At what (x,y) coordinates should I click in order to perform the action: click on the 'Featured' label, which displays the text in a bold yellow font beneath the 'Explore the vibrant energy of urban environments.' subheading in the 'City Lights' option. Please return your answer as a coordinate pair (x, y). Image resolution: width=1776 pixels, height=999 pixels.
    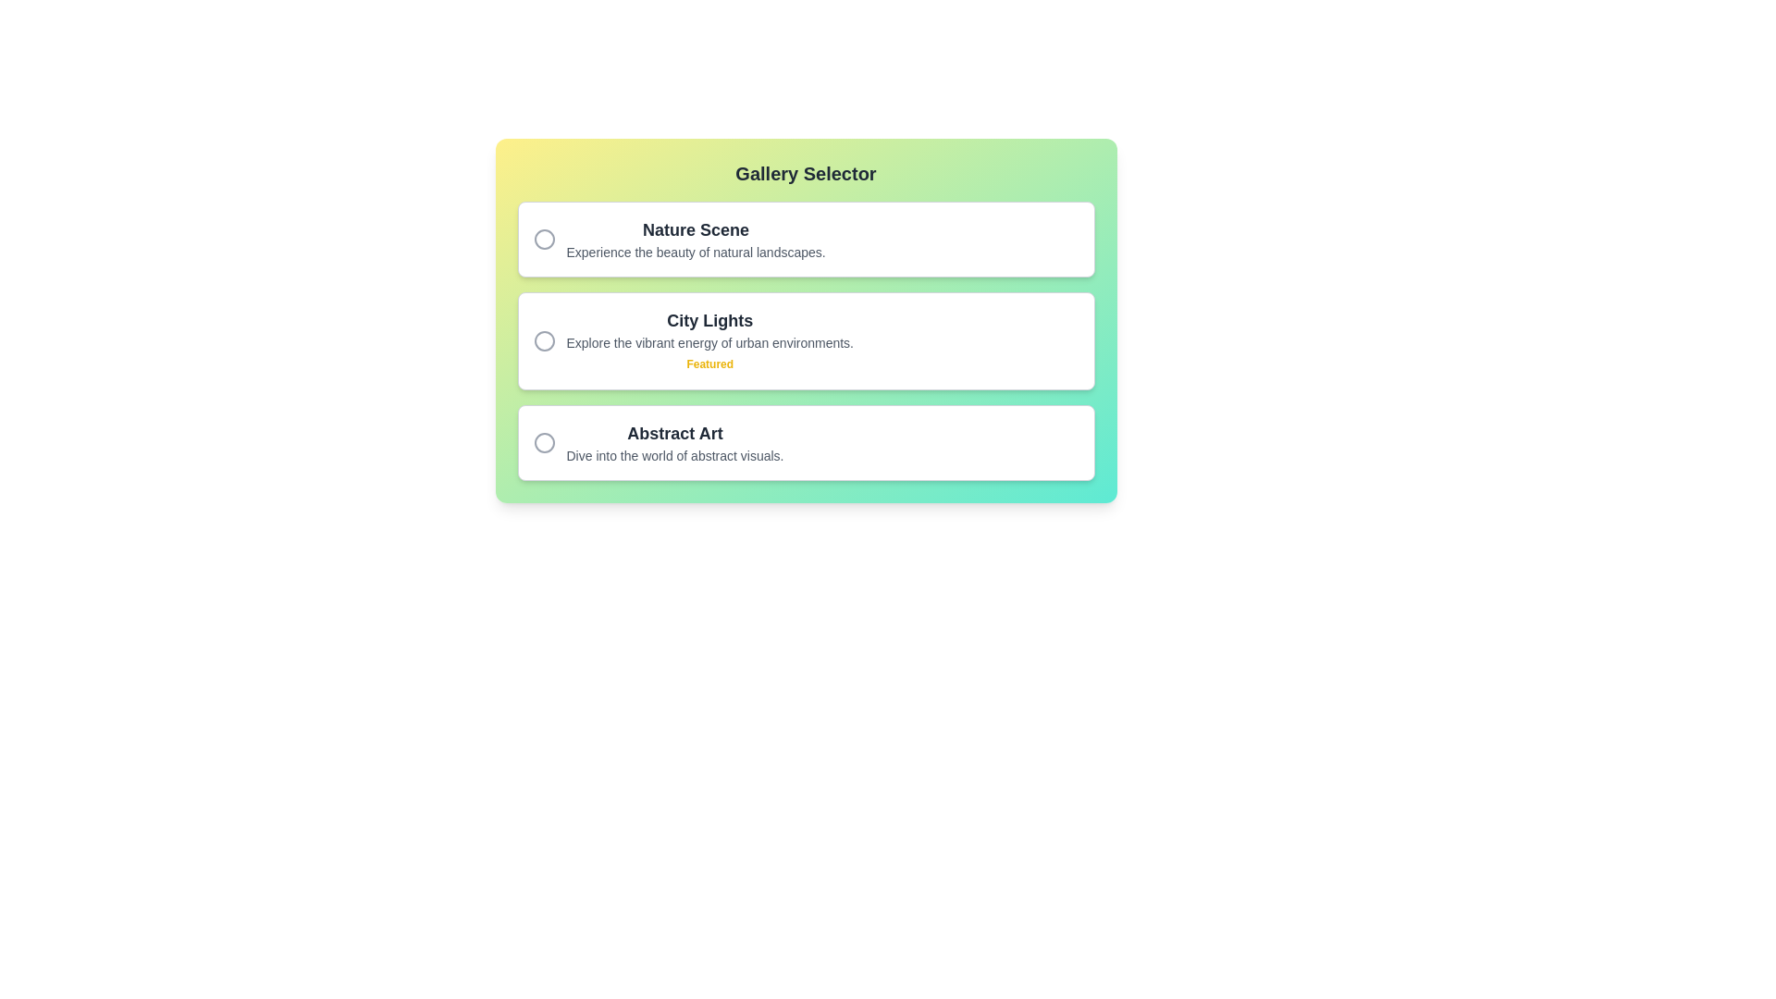
    Looking at the image, I should click on (709, 364).